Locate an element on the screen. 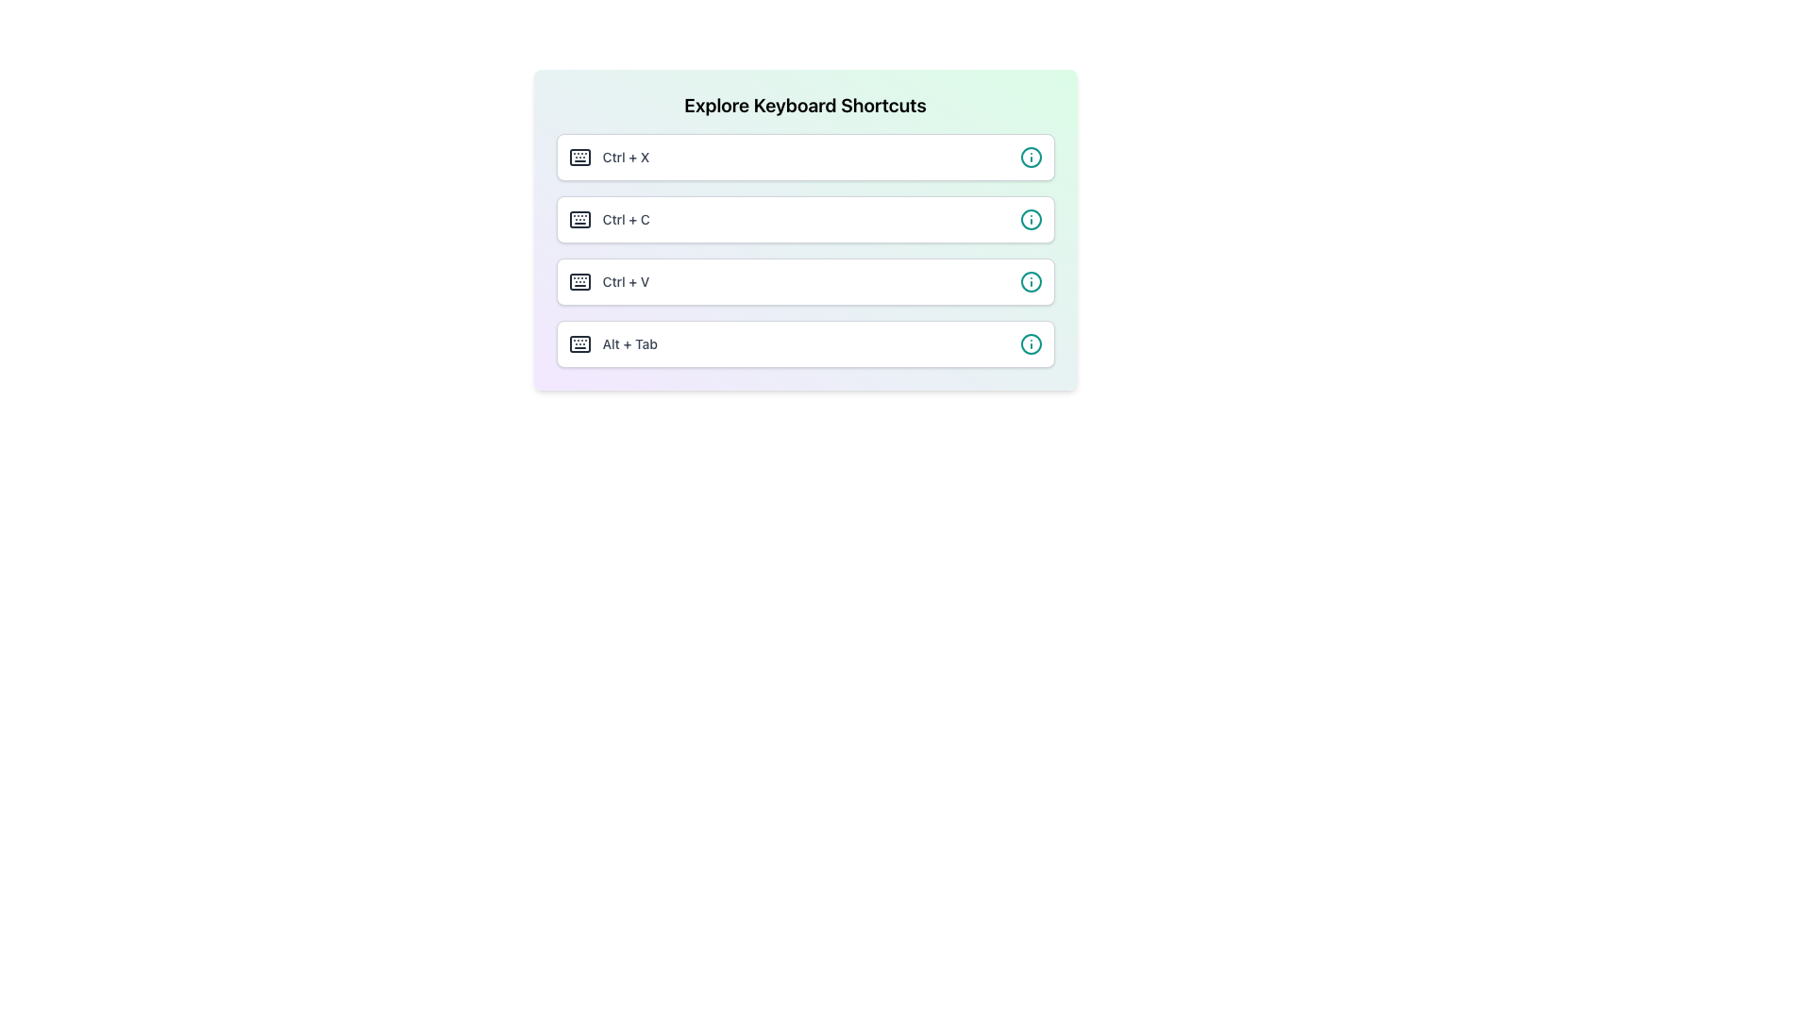 The height and width of the screenshot is (1019, 1812). the small keyboard icon with a dark gray stroke outline, which is located to the left of the 'Ctrl + X' text in the vertical list of keyboard shortcuts is located at coordinates (579, 156).